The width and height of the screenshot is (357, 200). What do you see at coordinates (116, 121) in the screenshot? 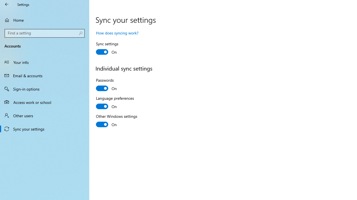
I see `'Other Windows settings'` at bounding box center [116, 121].